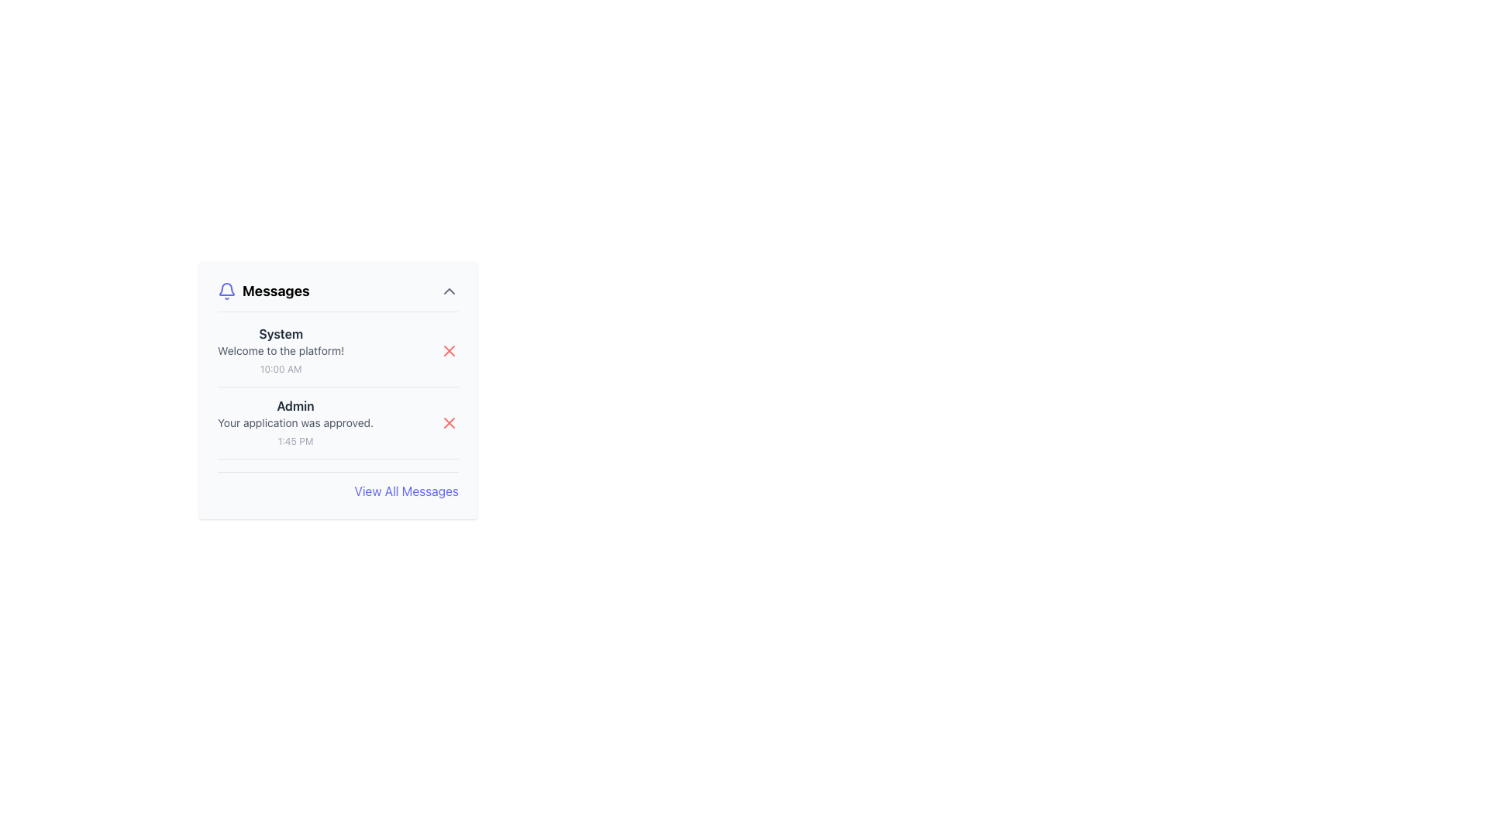 This screenshot has width=1488, height=837. What do you see at coordinates (295, 441) in the screenshot?
I see `timestamp displayed in the static text component located at the bottom-right corner of the message notification from 'Admin', below the message content 'Your application was approved.'` at bounding box center [295, 441].